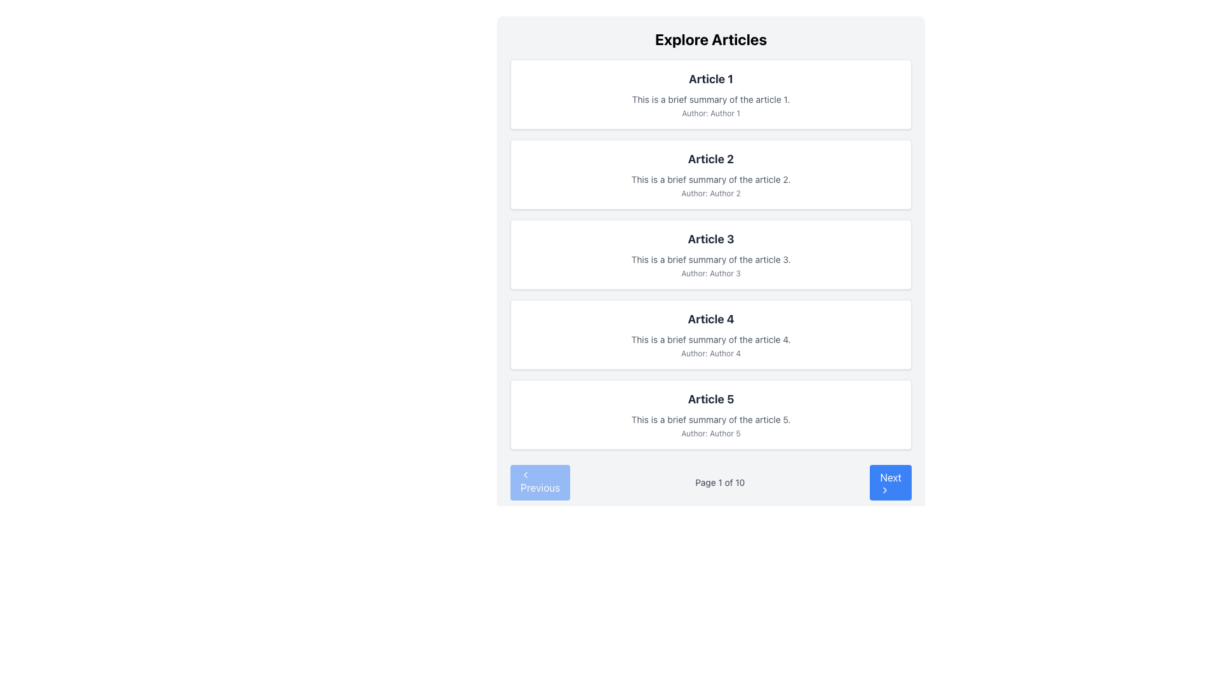 The width and height of the screenshot is (1219, 686). I want to click on the text label 'Article 5', which is bold, large, and dark gray, located at the top of the fifth card in a vertical list of article components, so click(710, 398).